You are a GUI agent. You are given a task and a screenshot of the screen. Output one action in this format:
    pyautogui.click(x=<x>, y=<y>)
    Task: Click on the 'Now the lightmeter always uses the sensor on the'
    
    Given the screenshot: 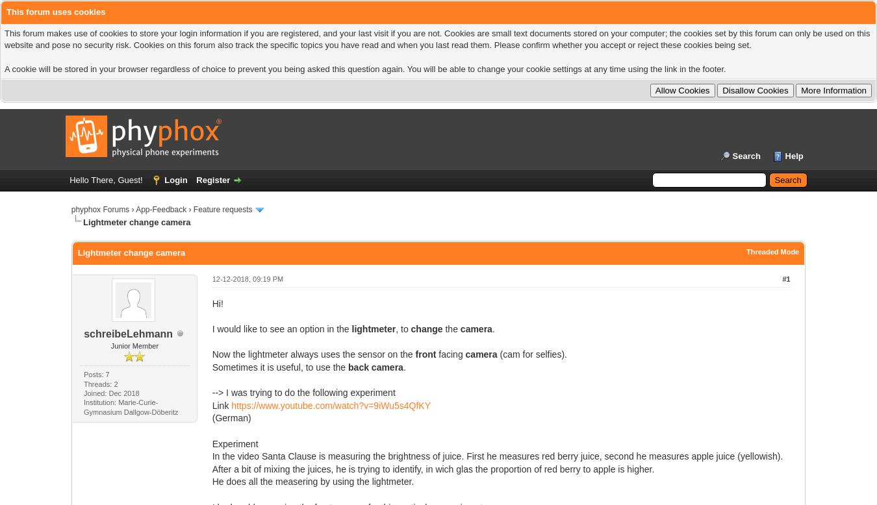 What is the action you would take?
    pyautogui.click(x=312, y=354)
    